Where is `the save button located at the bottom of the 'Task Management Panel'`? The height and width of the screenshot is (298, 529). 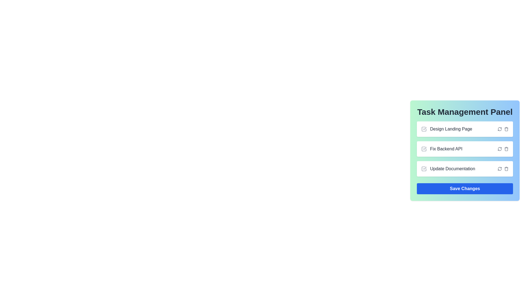
the save button located at the bottom of the 'Task Management Panel' is located at coordinates (465, 188).